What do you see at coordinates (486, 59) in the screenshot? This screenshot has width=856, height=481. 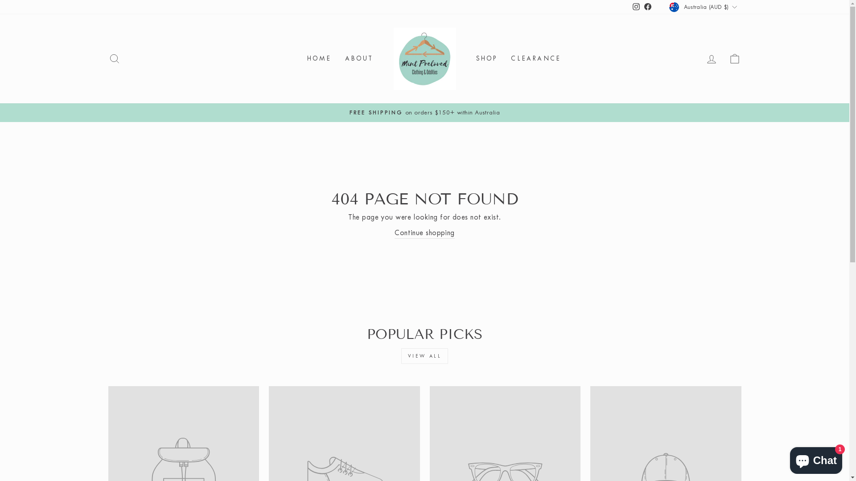 I see `'SHOP'` at bounding box center [486, 59].